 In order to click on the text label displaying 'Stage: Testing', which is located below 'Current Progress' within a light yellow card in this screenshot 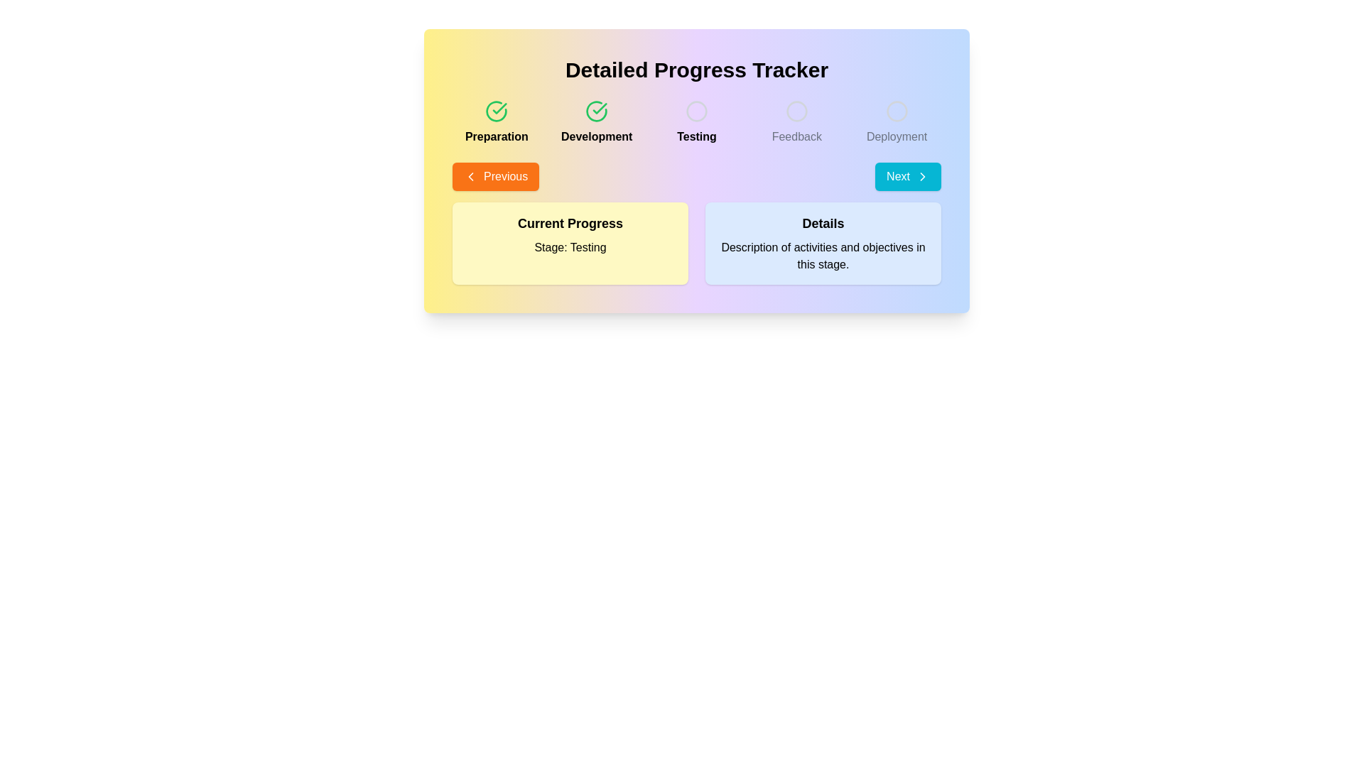, I will do `click(570, 246)`.